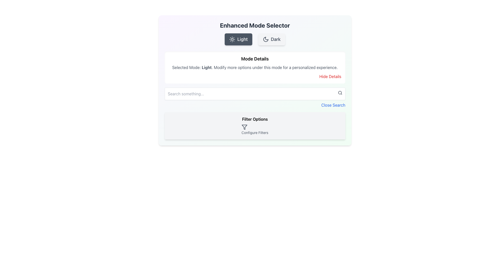 Image resolution: width=482 pixels, height=271 pixels. What do you see at coordinates (255, 129) in the screenshot?
I see `the text link labeled 'Filter Options' to potentially see a tooltip` at bounding box center [255, 129].